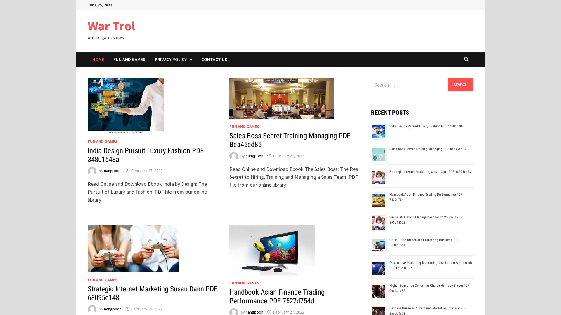  Describe the element at coordinates (460, 84) in the screenshot. I see `Search` at that location.